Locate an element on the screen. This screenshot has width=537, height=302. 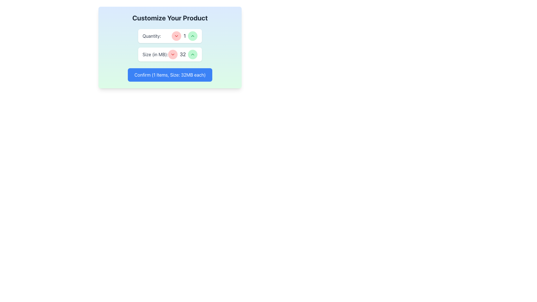
the Static Text displaying the number '32' in a bold, large gray font, located in the 'Size (in MB):' section is located at coordinates (183, 55).